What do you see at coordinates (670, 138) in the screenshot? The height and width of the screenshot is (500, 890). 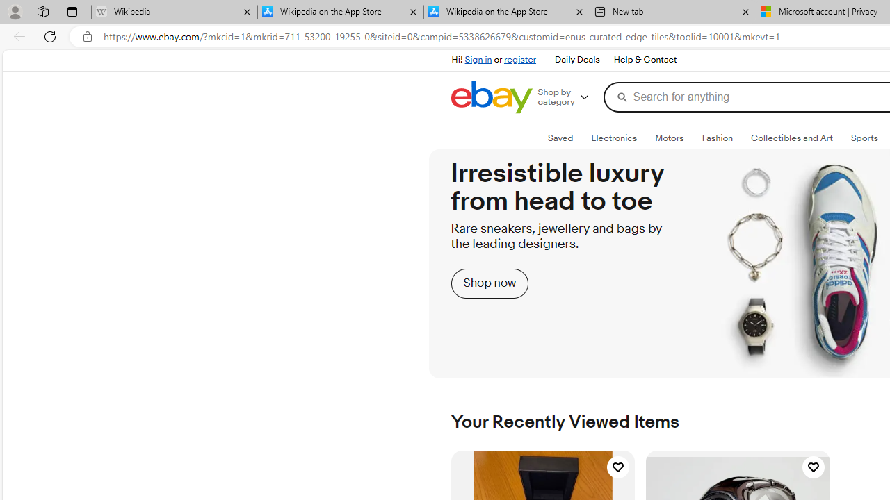 I see `'Motors'` at bounding box center [670, 138].